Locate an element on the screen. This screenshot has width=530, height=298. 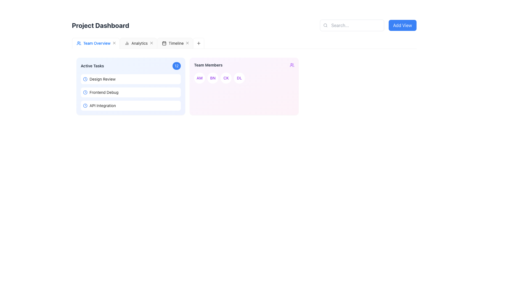
the small user group icon in the navigation bar, positioned to the left of the 'Team Overview' text is located at coordinates (78, 43).